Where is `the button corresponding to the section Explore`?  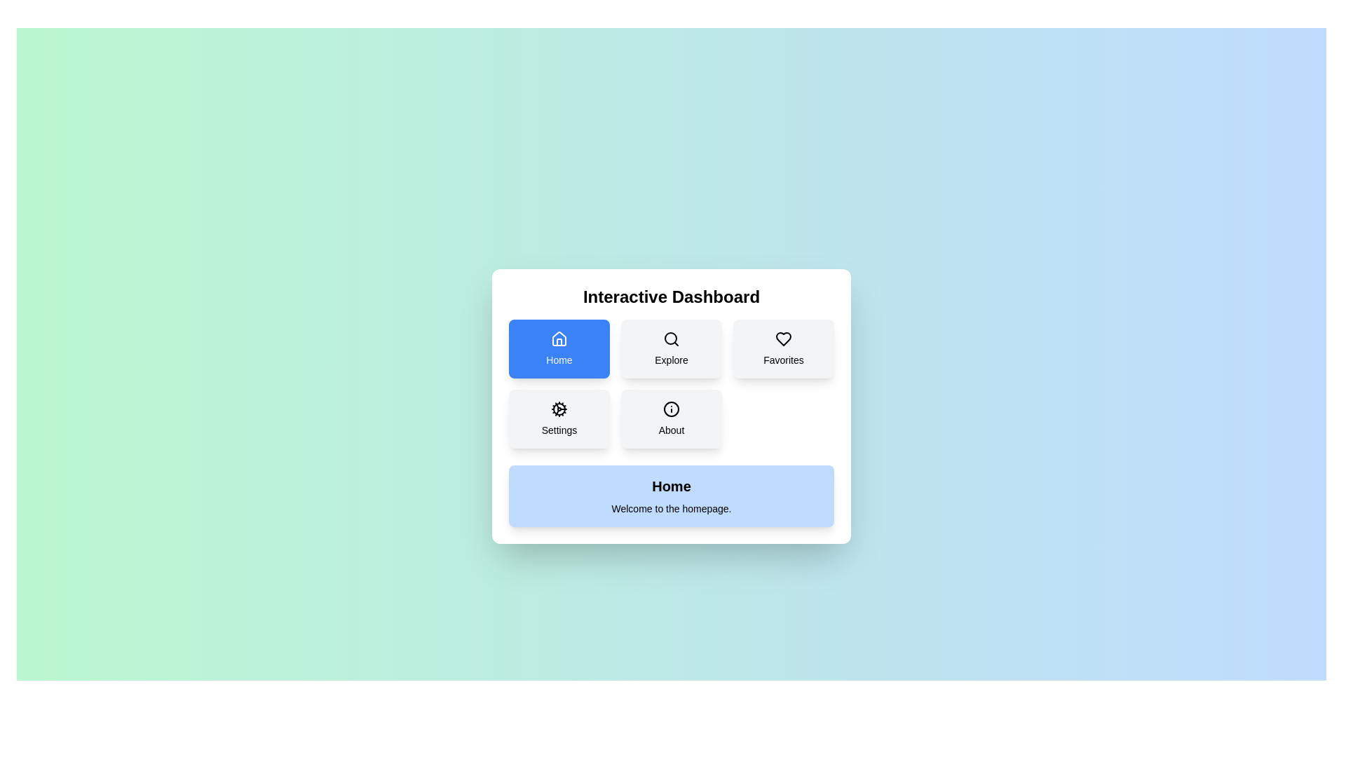 the button corresponding to the section Explore is located at coordinates (671, 348).